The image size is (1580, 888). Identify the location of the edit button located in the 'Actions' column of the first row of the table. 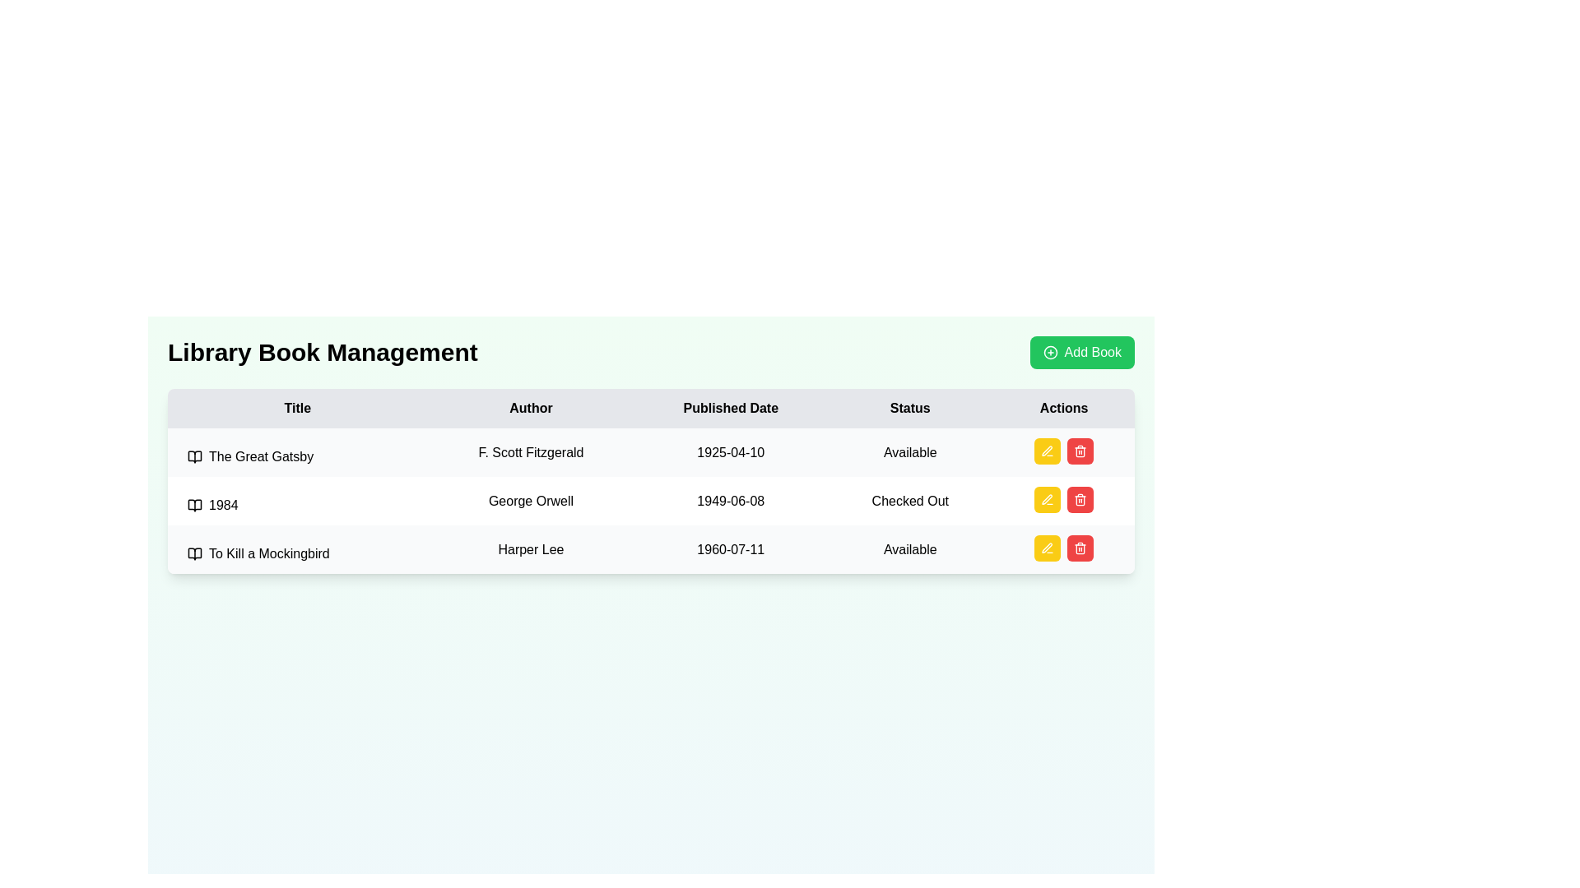
(1047, 451).